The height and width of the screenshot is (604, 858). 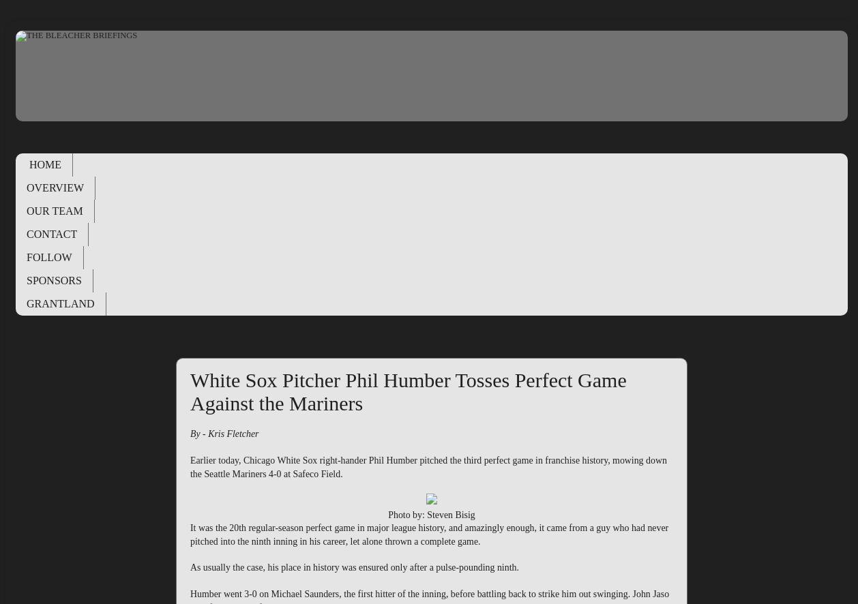 I want to click on 'SPONSORS', so click(x=26, y=279).